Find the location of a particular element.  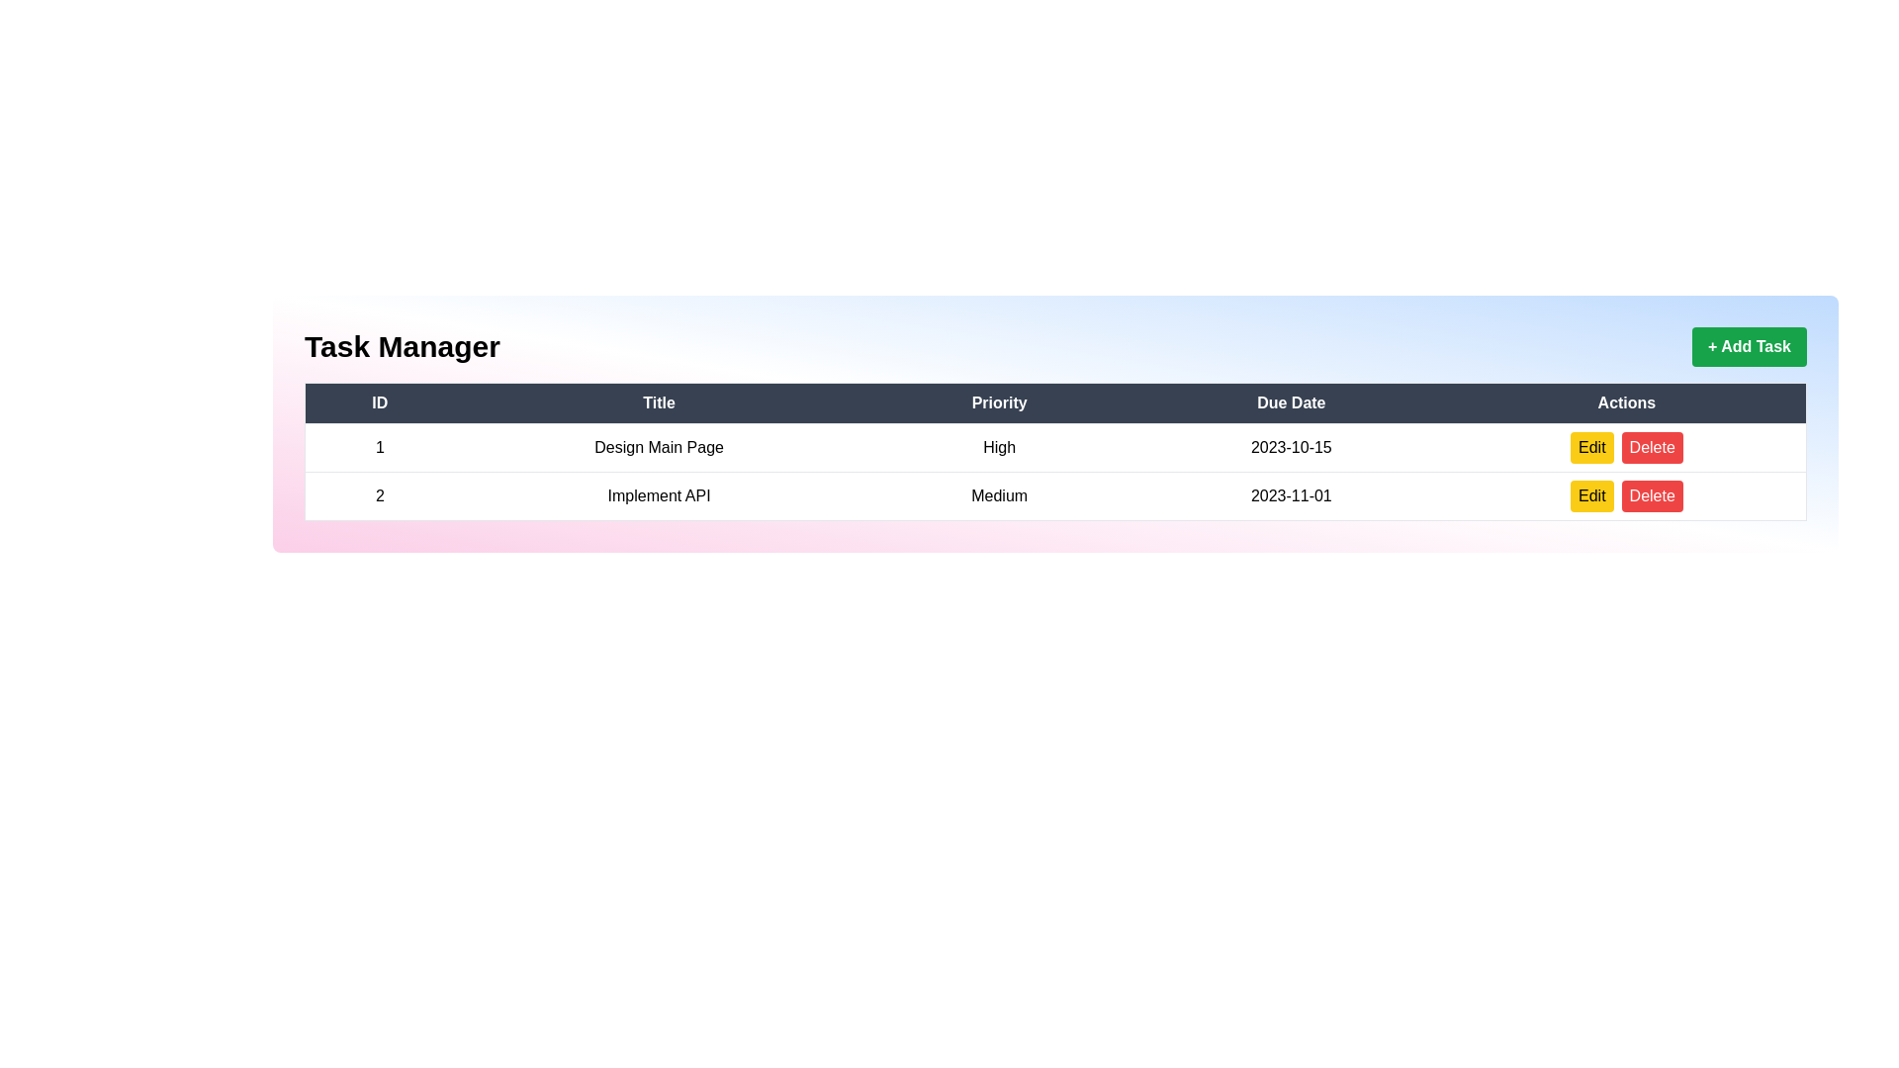

the text label displaying 'High' in the 'Priority' column of the first row in the table corresponding to the task 'Design Main Page' is located at coordinates (999, 447).